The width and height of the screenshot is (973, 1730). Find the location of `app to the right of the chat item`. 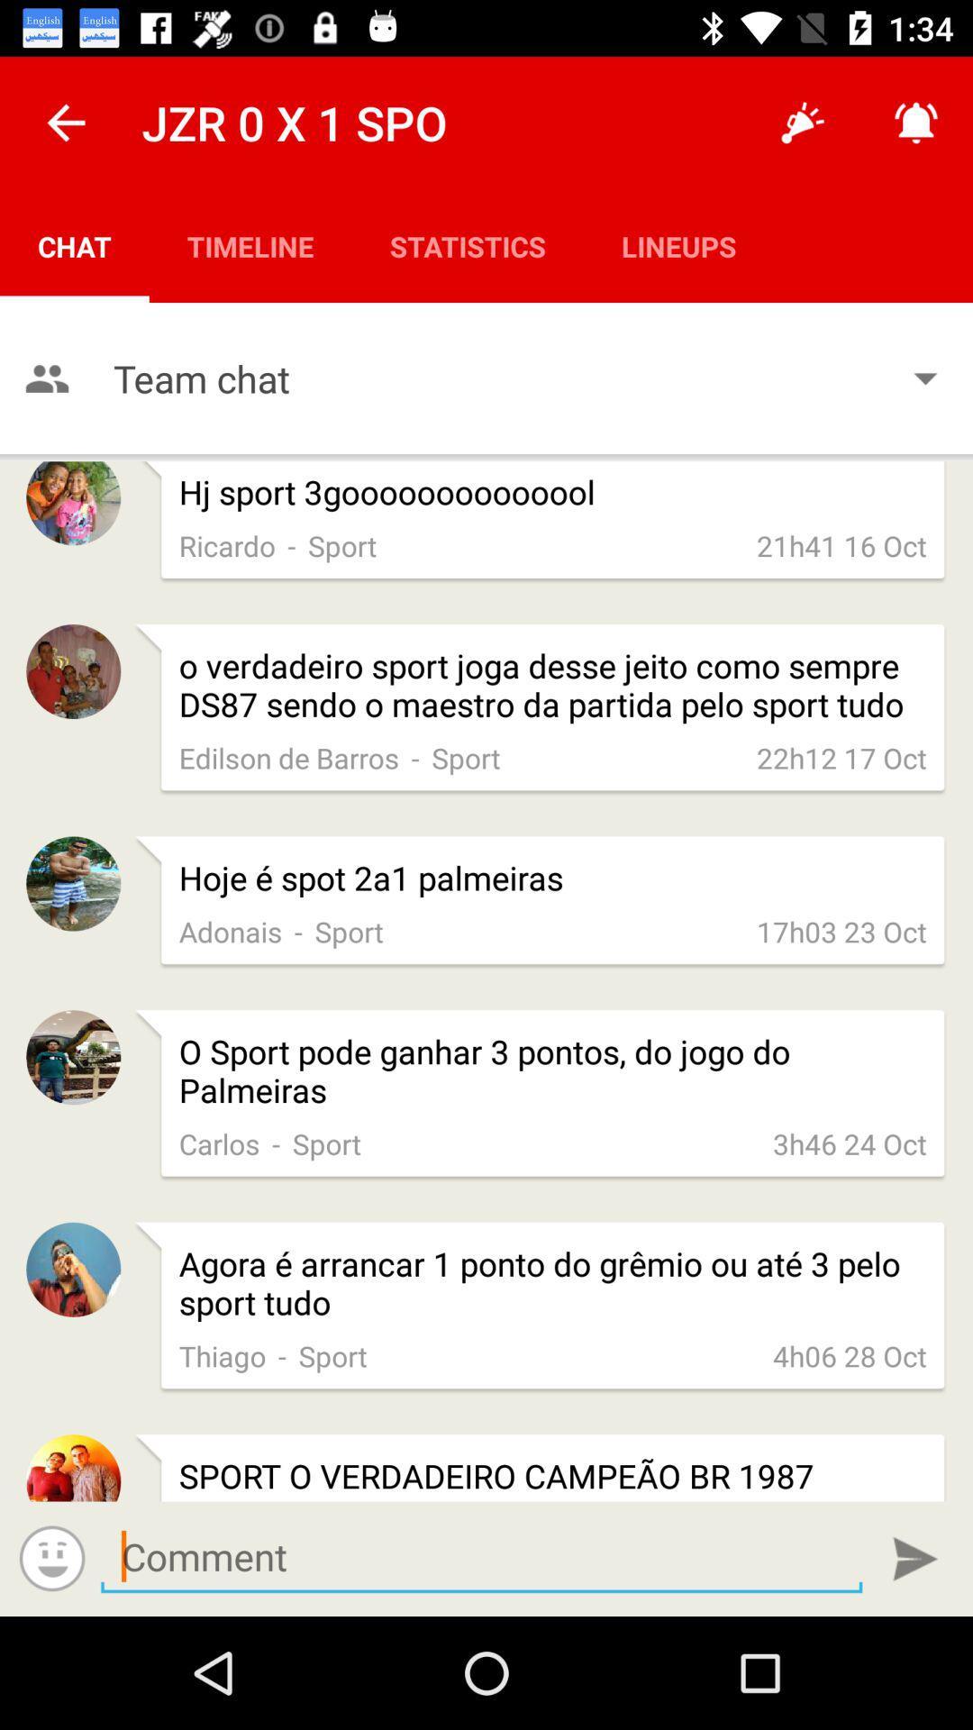

app to the right of the chat item is located at coordinates (250, 245).